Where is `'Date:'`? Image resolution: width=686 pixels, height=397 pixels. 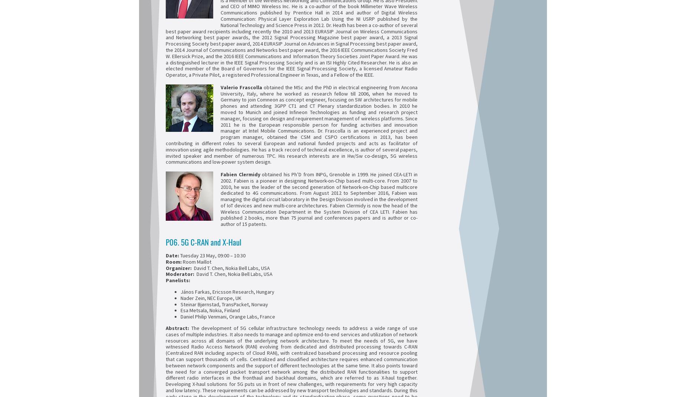
'Date:' is located at coordinates (165, 255).